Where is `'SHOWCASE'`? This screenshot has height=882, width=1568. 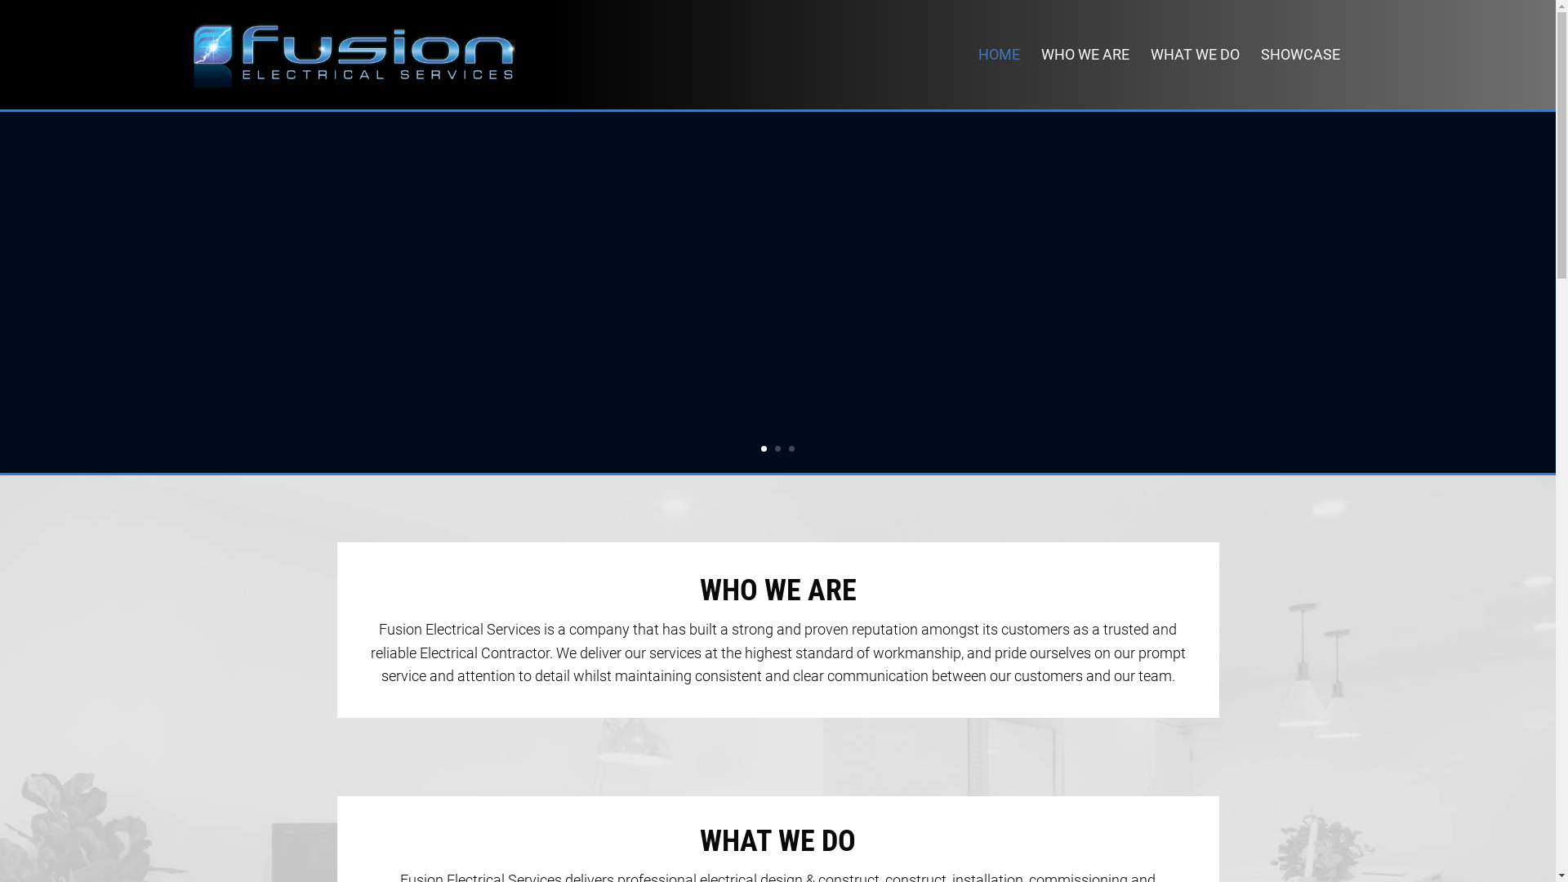
'SHOWCASE' is located at coordinates (1299, 78).